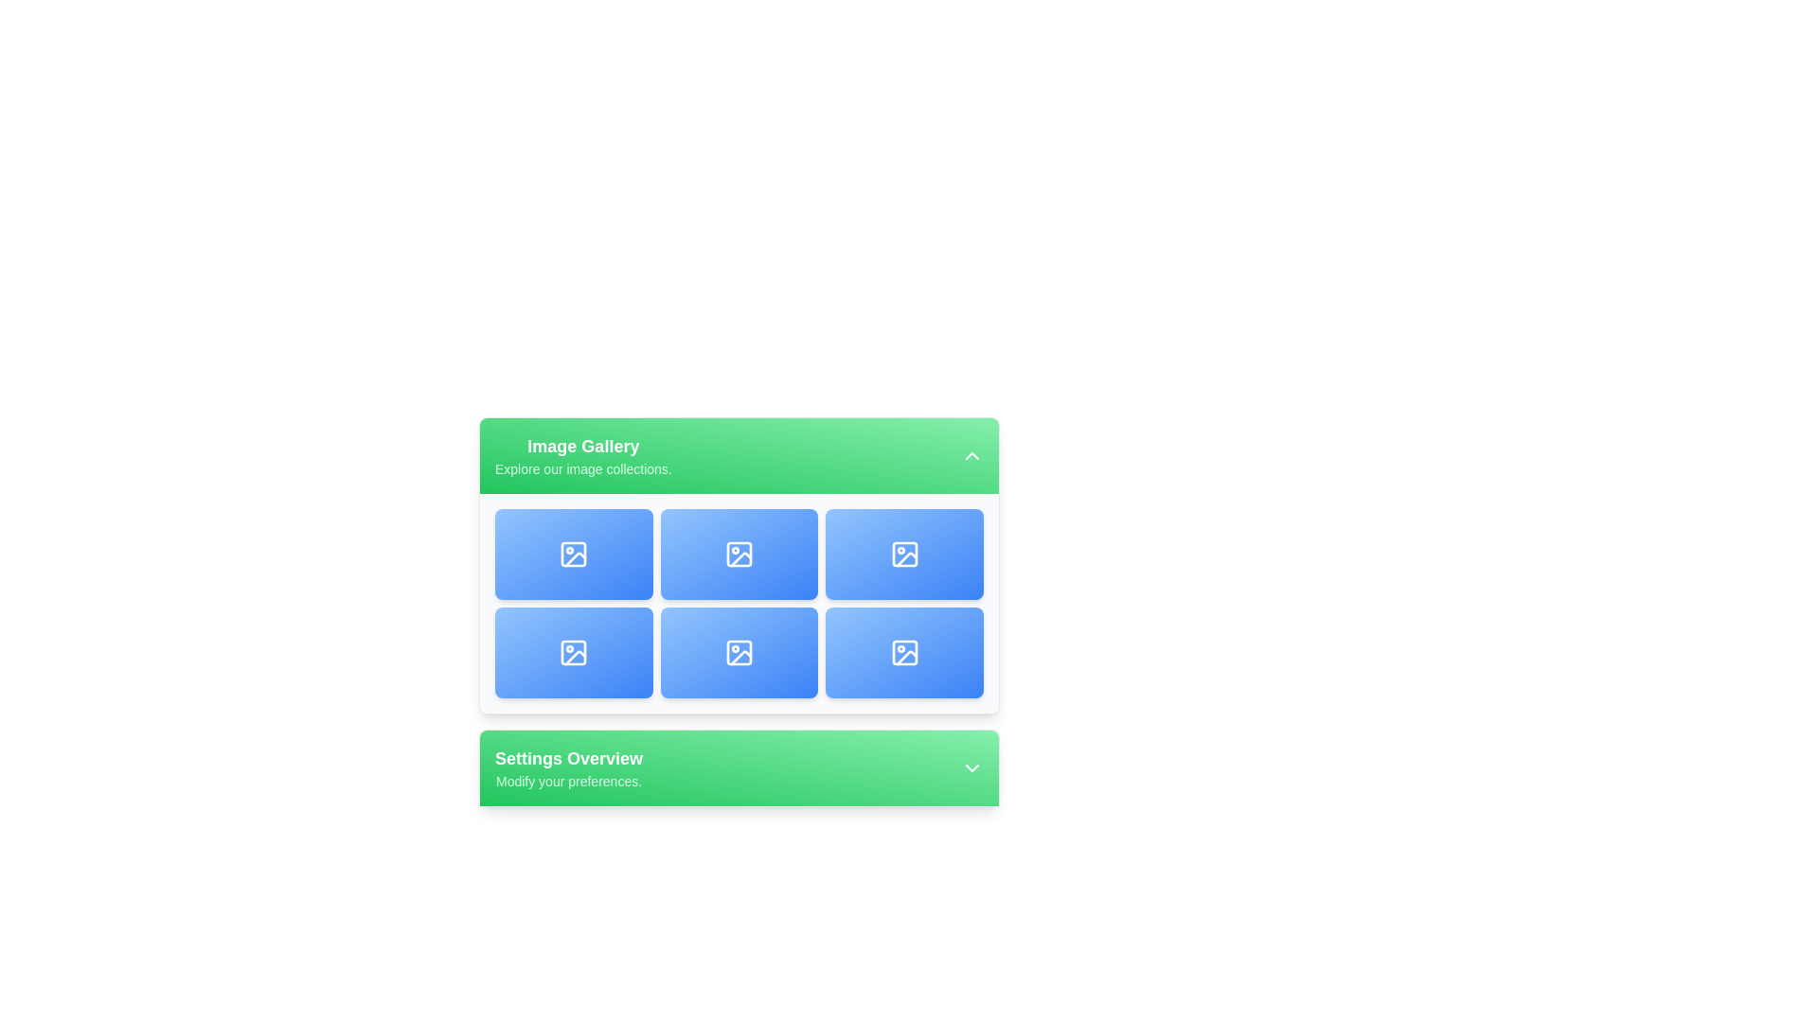 The width and height of the screenshot is (1818, 1022). What do you see at coordinates (739, 652) in the screenshot?
I see `the rectangular button with a gradient from blue to brighter blue, featuring a white icon of an image with circular detail, located` at bounding box center [739, 652].